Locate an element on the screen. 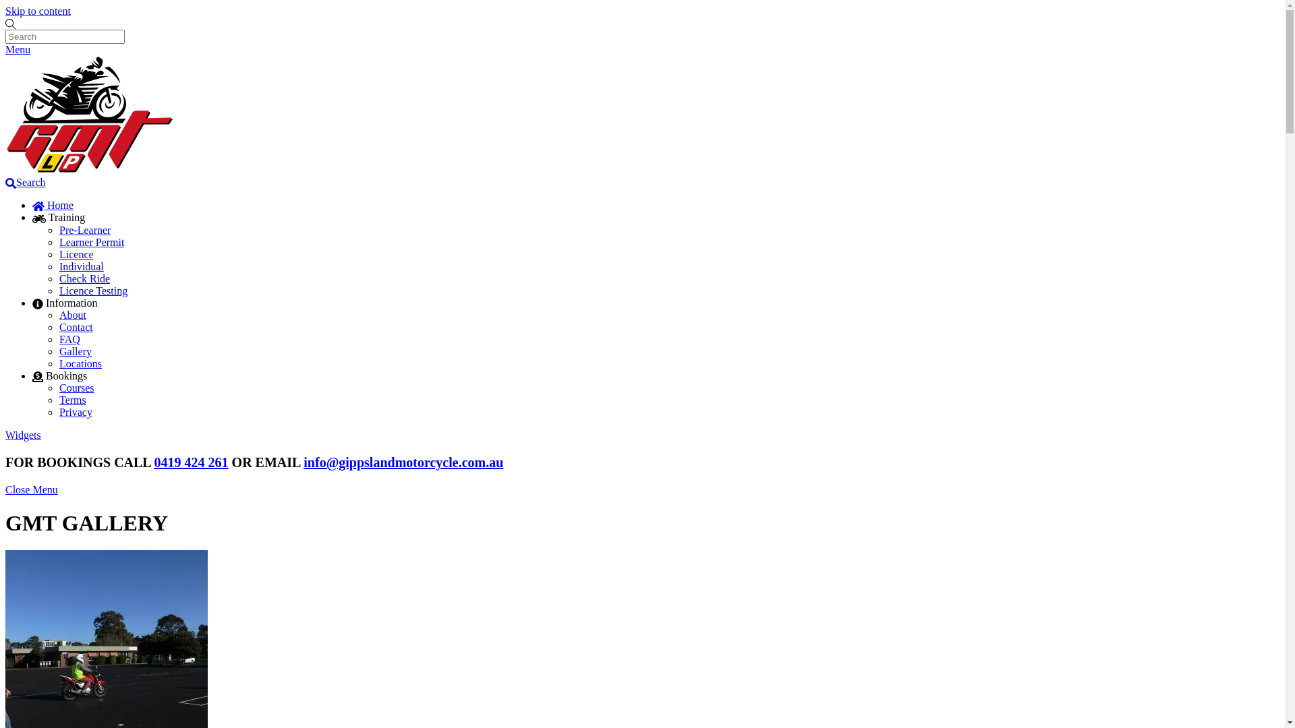 The height and width of the screenshot is (728, 1295). 'Bookings' is located at coordinates (59, 375).